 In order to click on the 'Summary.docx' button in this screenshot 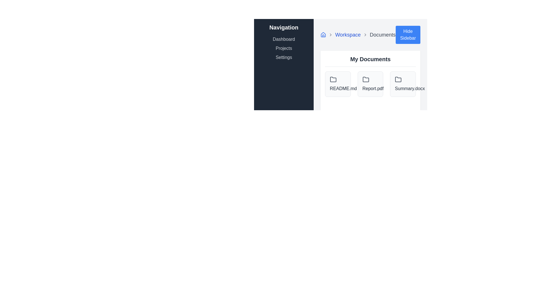, I will do `click(403, 84)`.